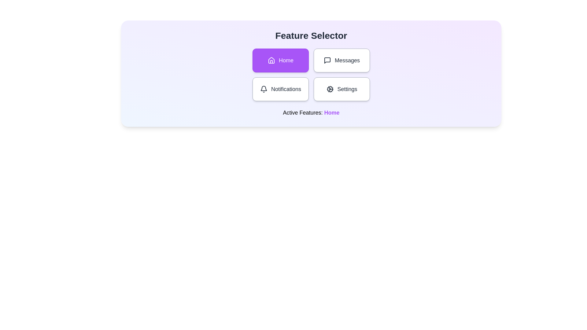 Image resolution: width=587 pixels, height=330 pixels. I want to click on the text label displaying 'Home', which is styled in bold purple font and is the last word in the sentence 'Active Features: Home', so click(331, 113).